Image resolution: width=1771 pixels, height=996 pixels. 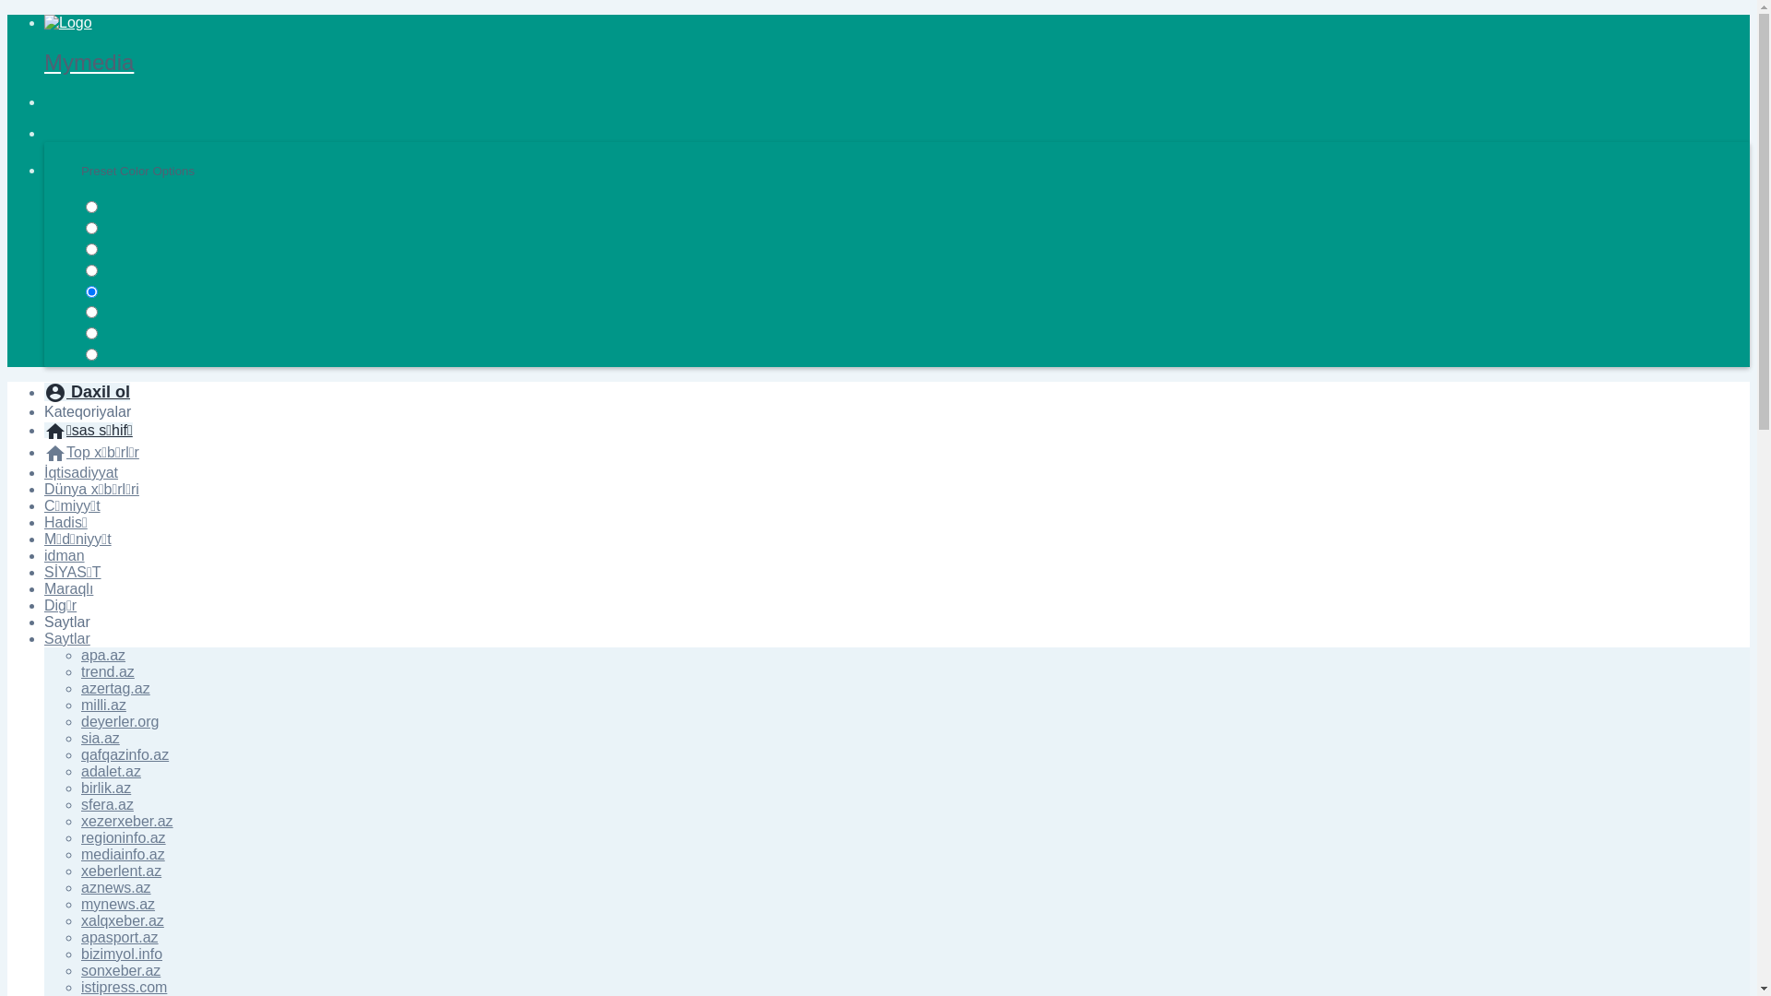 I want to click on 'account_circle, so click(x=86, y=390).